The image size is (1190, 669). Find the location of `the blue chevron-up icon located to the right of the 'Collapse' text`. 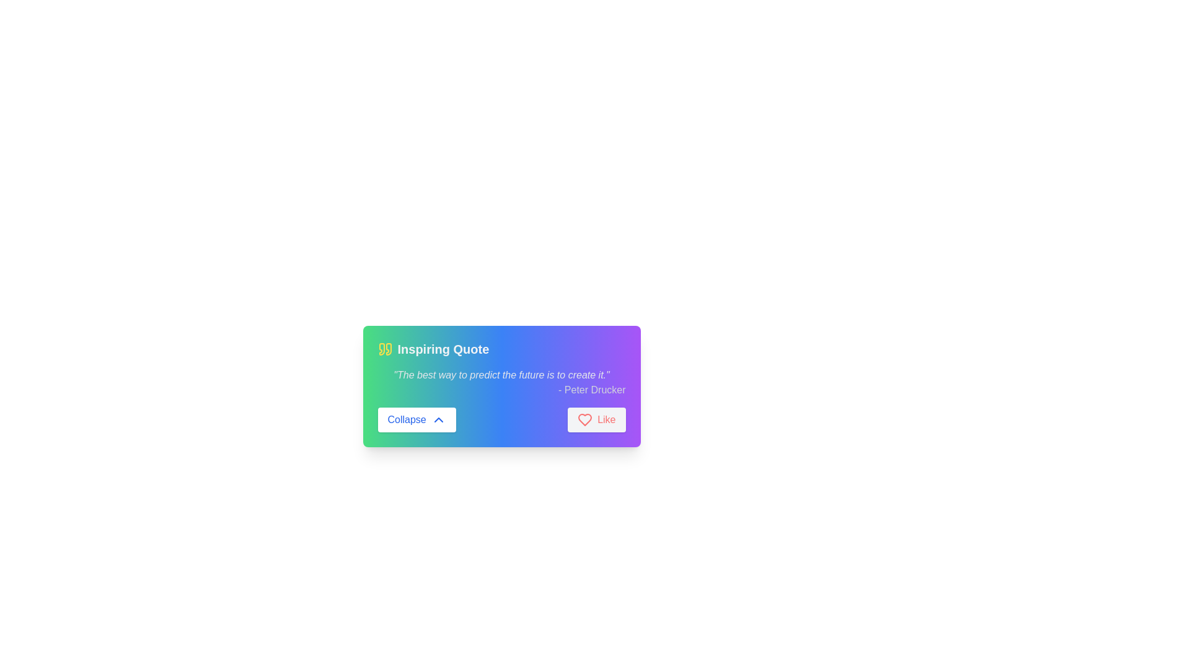

the blue chevron-up icon located to the right of the 'Collapse' text is located at coordinates (438, 419).